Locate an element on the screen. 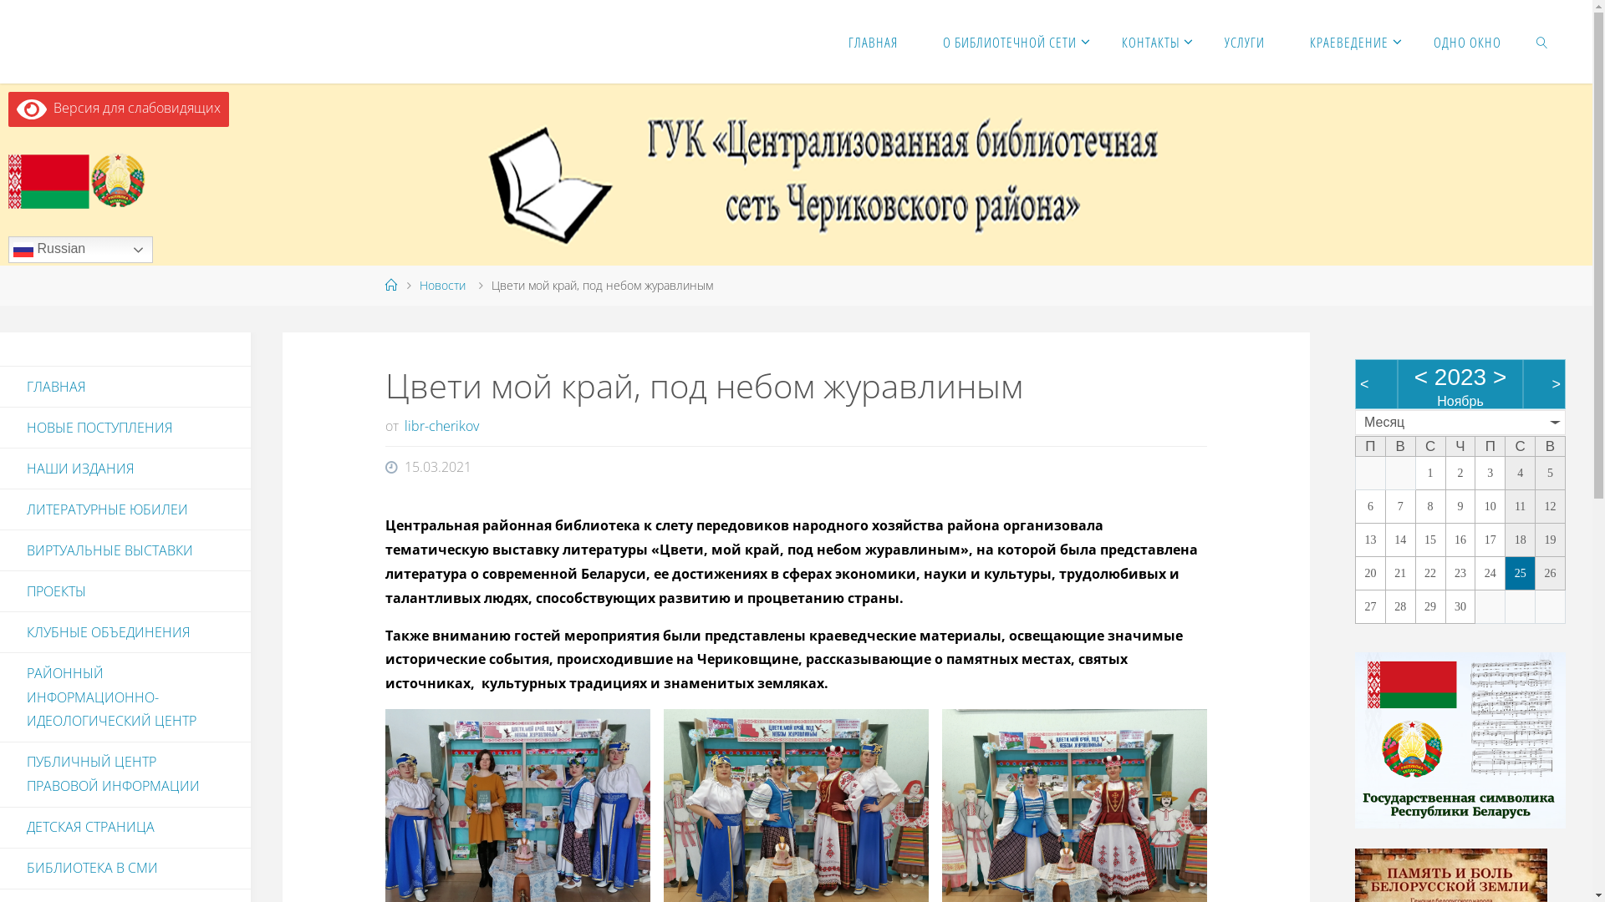 Image resolution: width=1605 pixels, height=902 pixels. '<' is located at coordinates (1419, 377).